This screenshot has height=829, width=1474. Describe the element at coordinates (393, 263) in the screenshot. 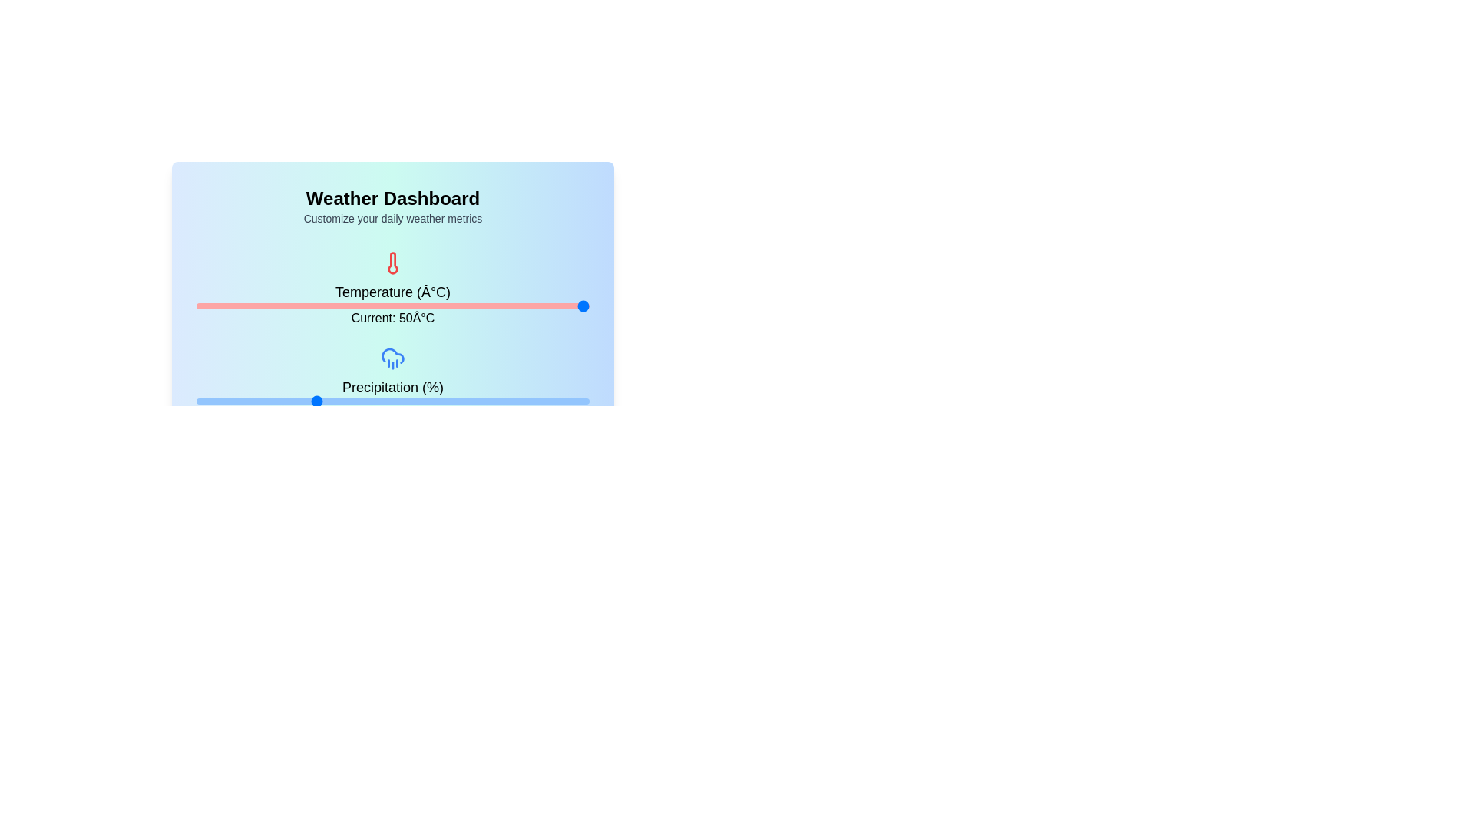

I see `the temperature icon located centrally within the thermometer SVG graphic, positioned above the 'Temperature (°C)' label and below the 'Weather Dashboard' title` at that location.